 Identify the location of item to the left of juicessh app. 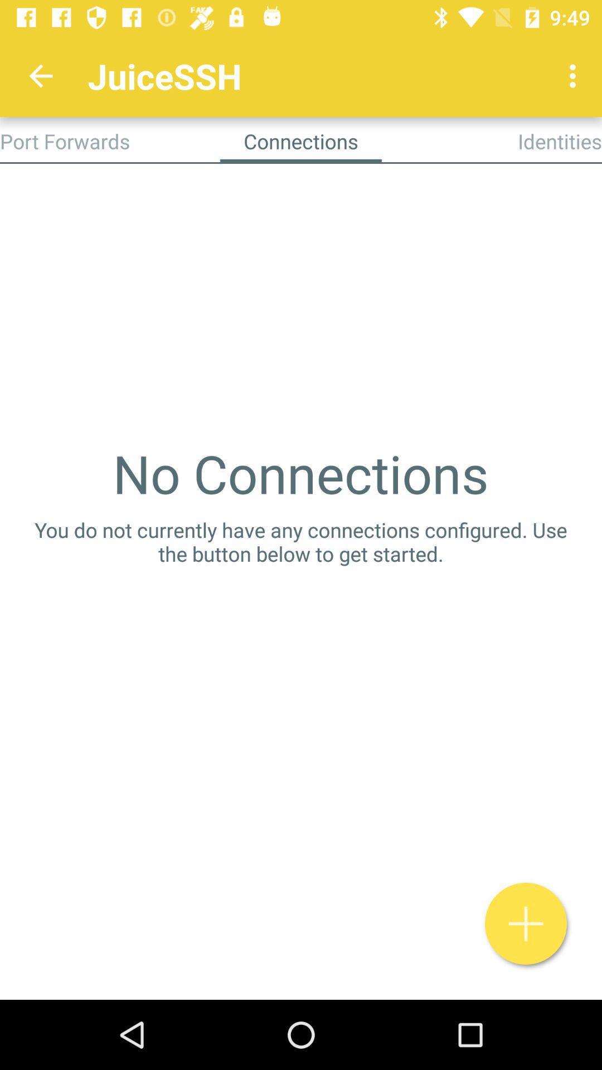
(40, 75).